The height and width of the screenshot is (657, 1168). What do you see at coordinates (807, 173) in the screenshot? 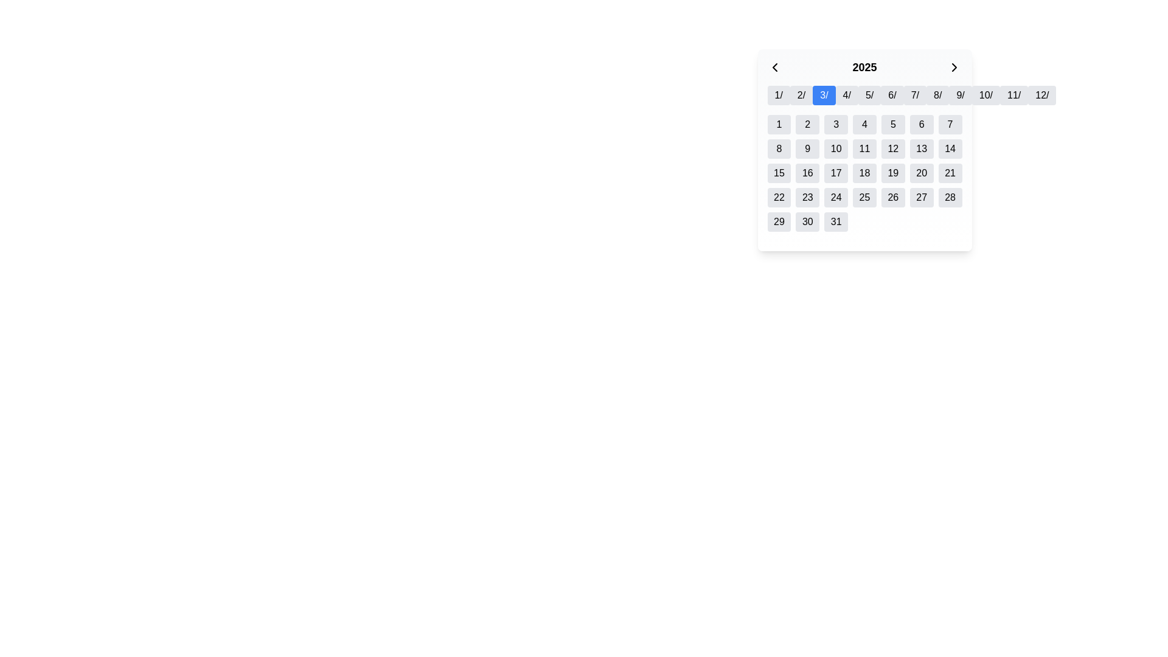
I see `the interactive date selection button for the date '16' in the calendar view` at bounding box center [807, 173].